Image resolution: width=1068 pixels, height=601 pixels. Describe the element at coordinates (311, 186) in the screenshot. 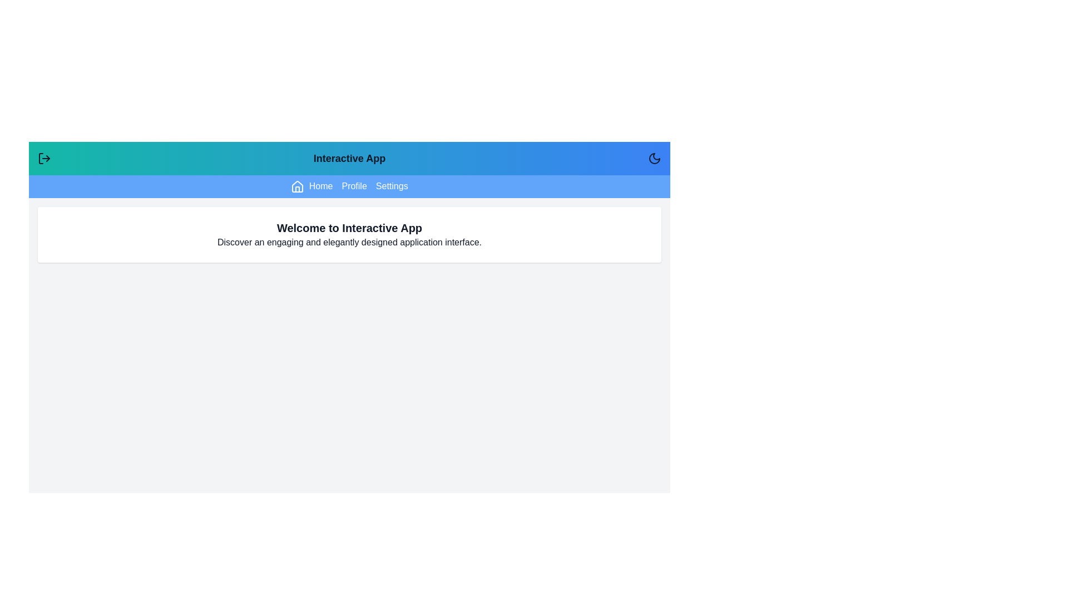

I see `the Home button in the navigation bar to navigate to the Home section` at that location.